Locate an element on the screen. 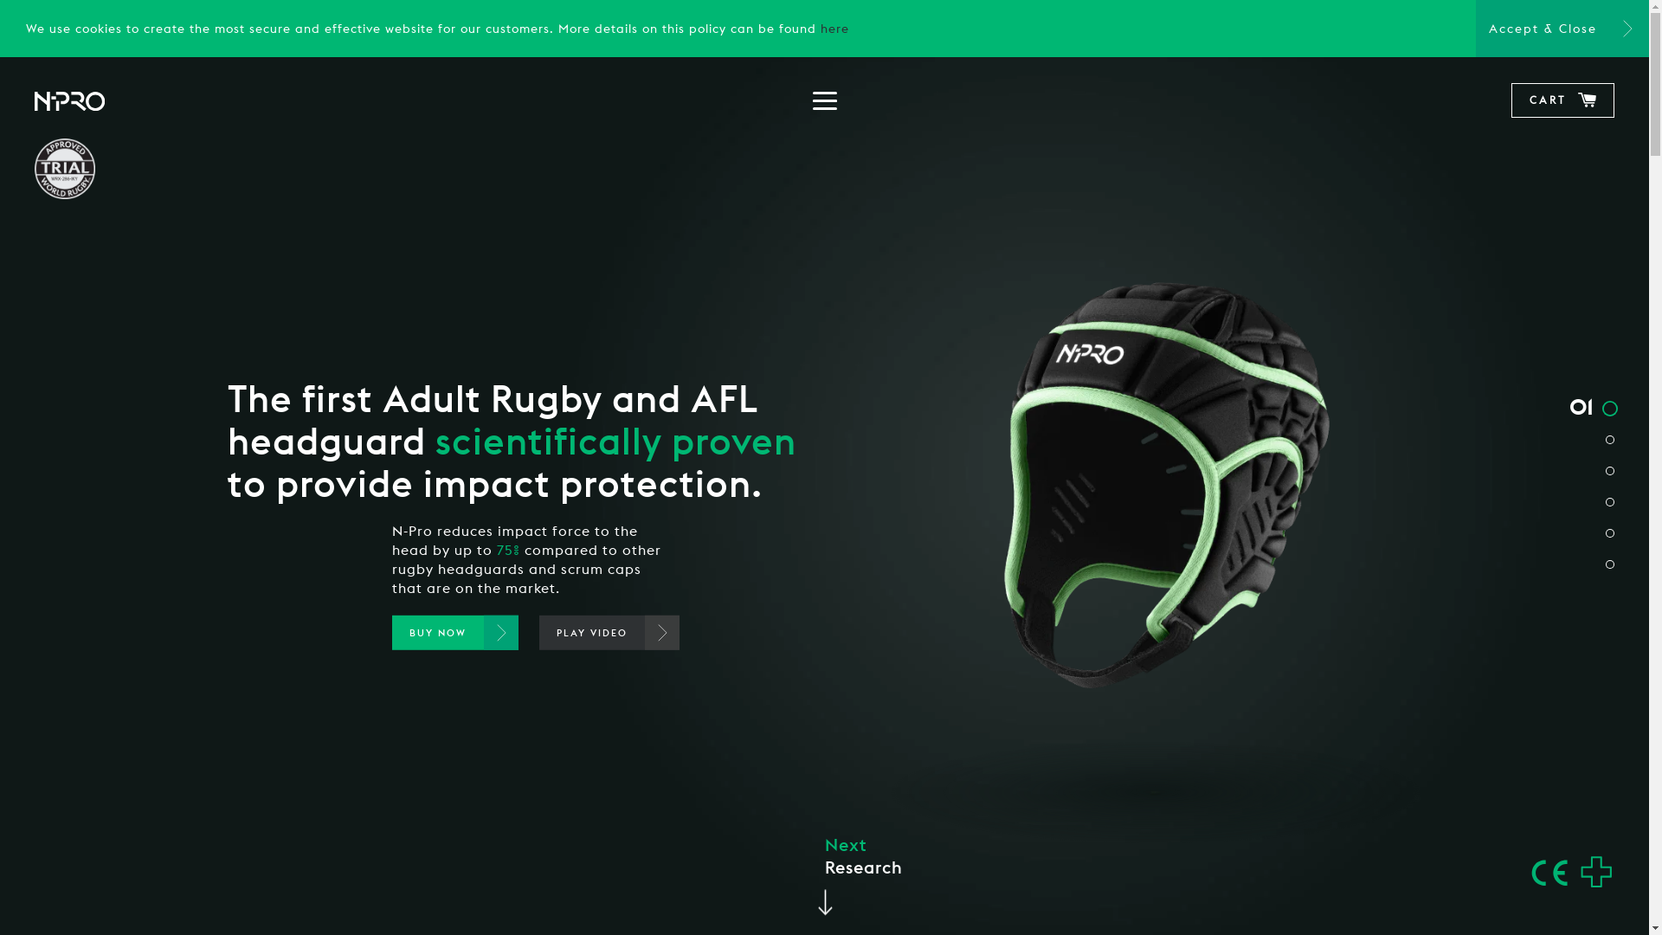 The image size is (1662, 935). 'CART' is located at coordinates (1562, 100).